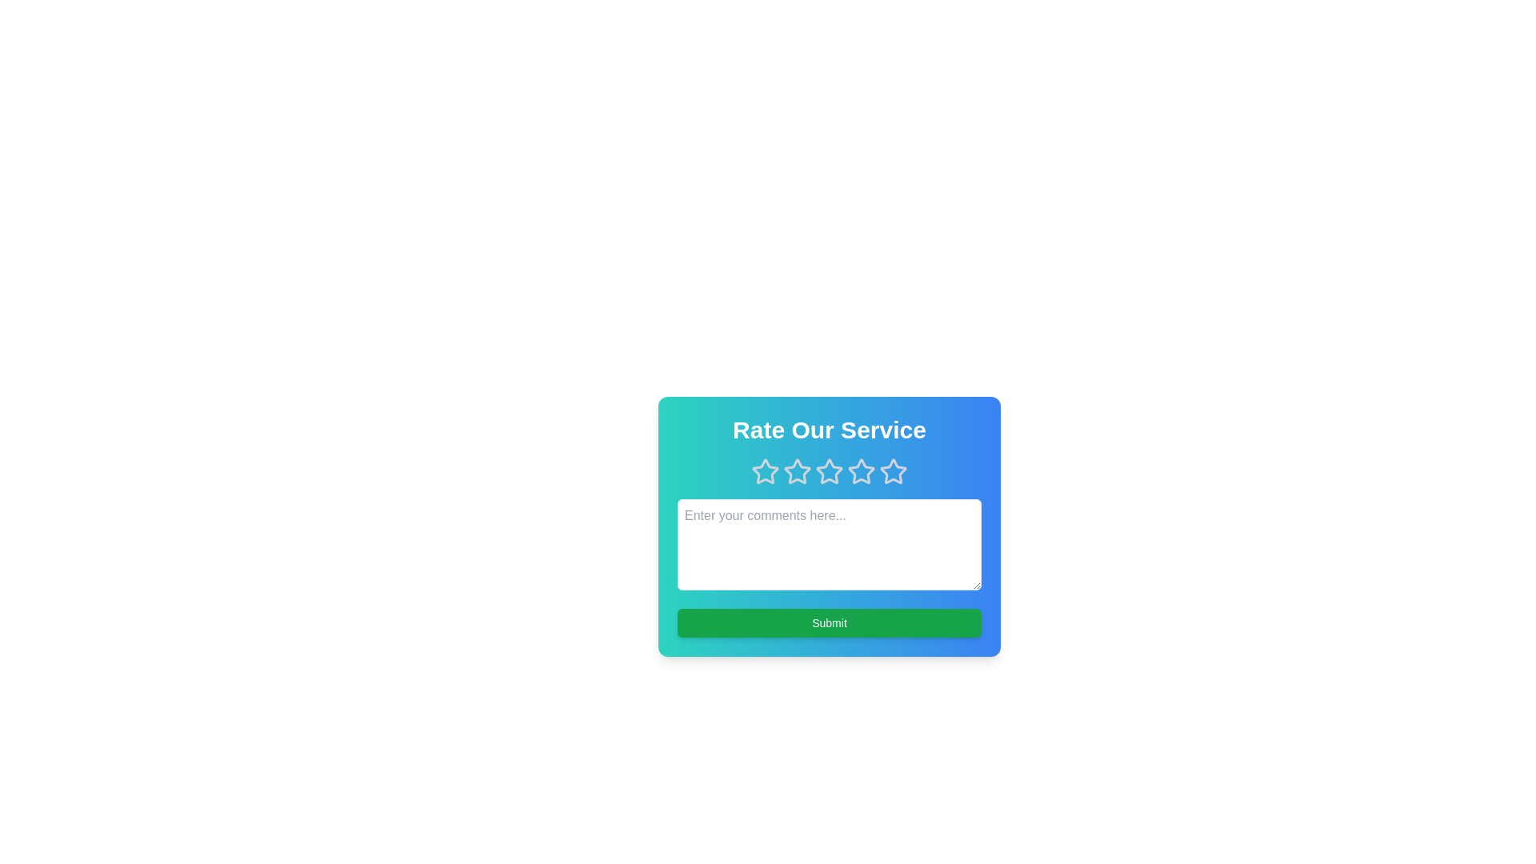 This screenshot has height=864, width=1536. I want to click on the 2 star to observe its hover effect, so click(798, 471).